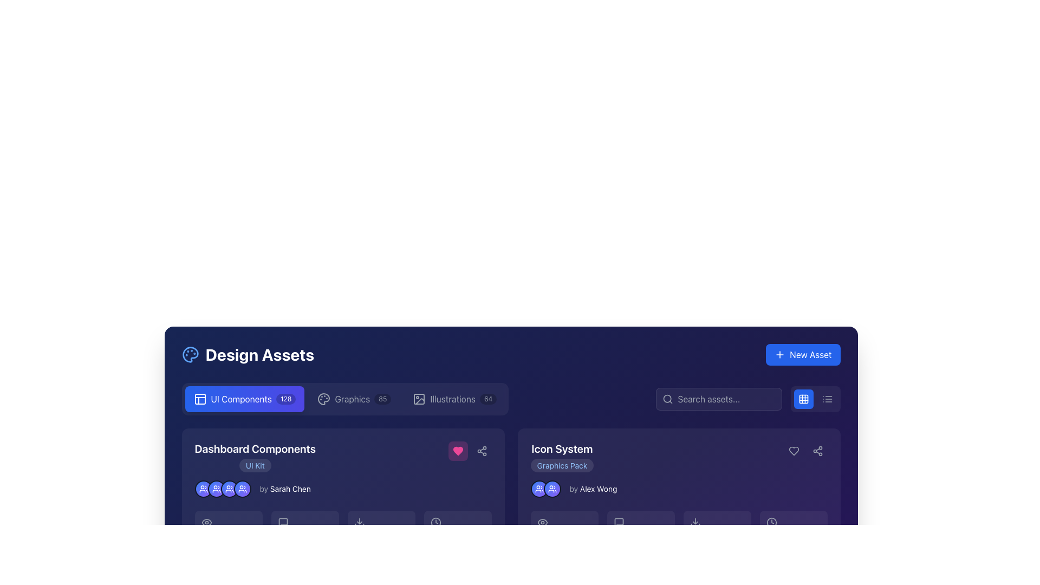  Describe the element at coordinates (228, 530) in the screenshot. I see `text displayed by the text display component in the first column of the grid layout under the 'Dashboard Components' category, which shows visibility metrics` at that location.